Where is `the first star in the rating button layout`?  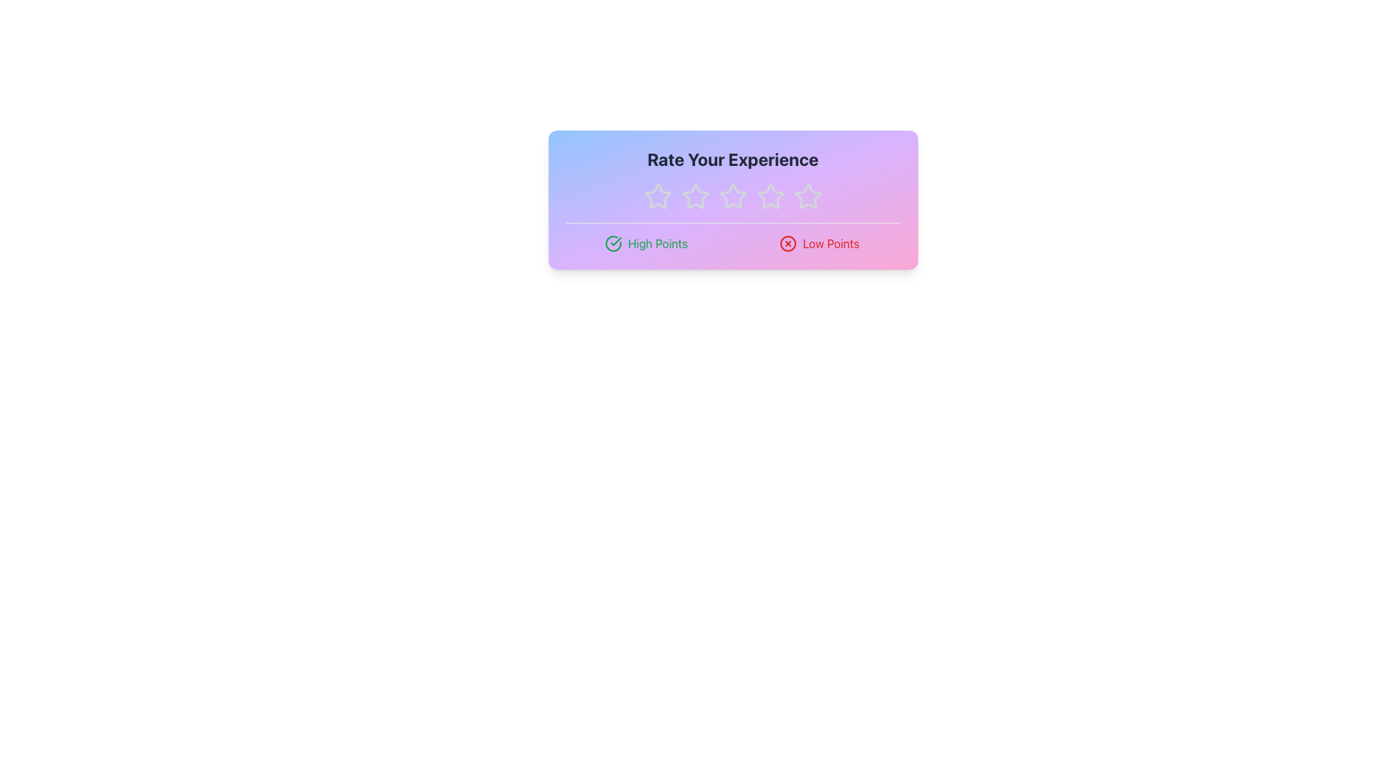
the first star in the rating button layout is located at coordinates (657, 197).